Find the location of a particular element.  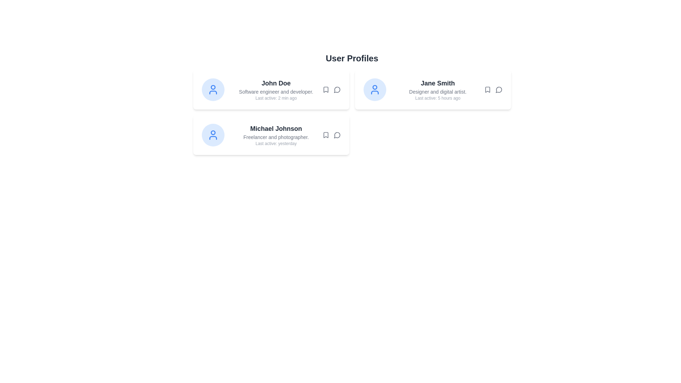

the user profile icon for 'John Doe', which is centrally located within the profile card in the top-left quadrant of the user profile grid is located at coordinates (212, 89).